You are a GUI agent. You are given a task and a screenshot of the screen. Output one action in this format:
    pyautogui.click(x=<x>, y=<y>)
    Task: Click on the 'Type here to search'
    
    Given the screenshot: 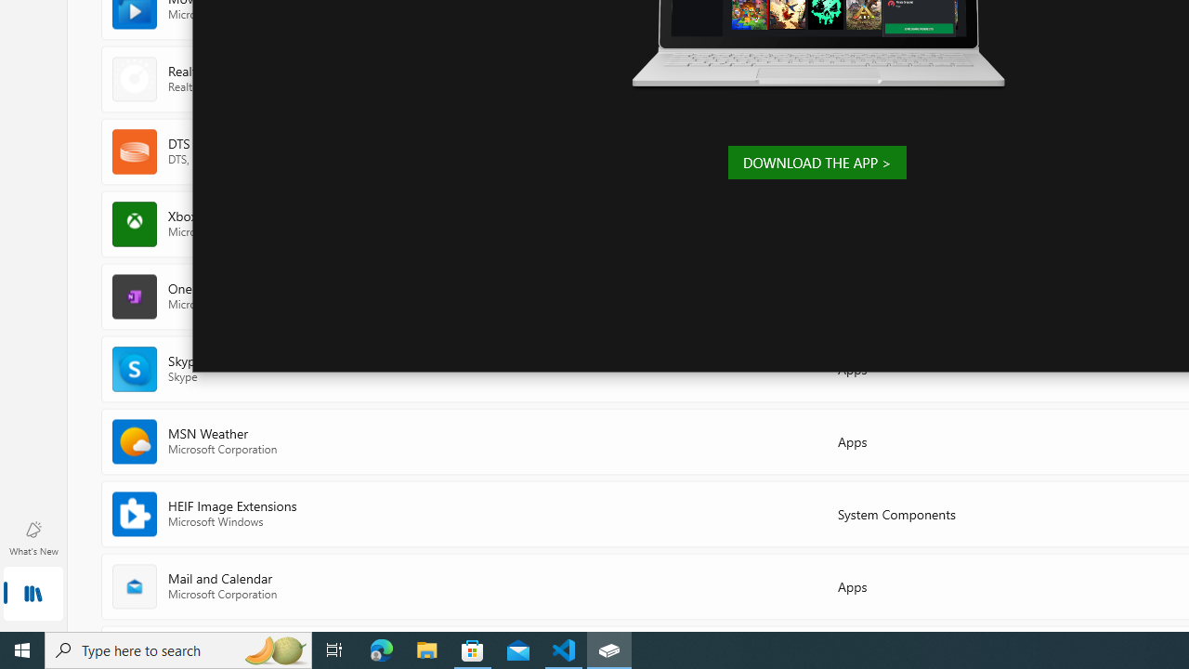 What is the action you would take?
    pyautogui.click(x=178, y=649)
    